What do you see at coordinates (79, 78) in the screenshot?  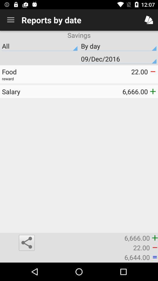 I see `reward item` at bounding box center [79, 78].